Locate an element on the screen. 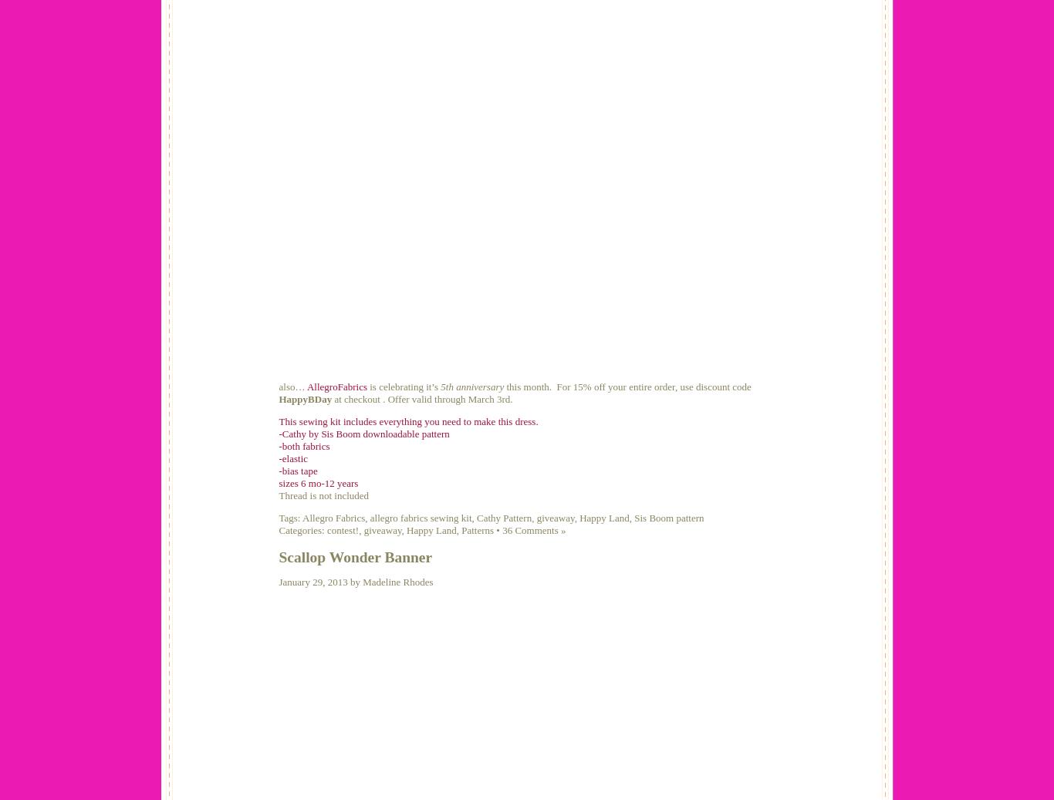  'Sis Boom pattern' is located at coordinates (668, 517).